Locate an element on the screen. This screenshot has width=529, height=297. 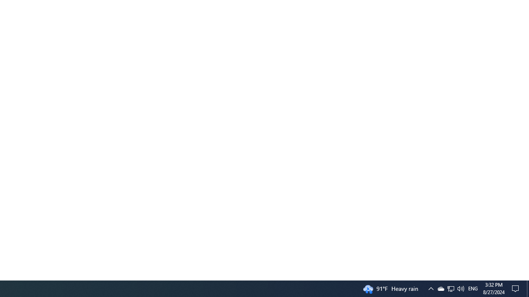
'User Promoted Notification Area' is located at coordinates (450, 288).